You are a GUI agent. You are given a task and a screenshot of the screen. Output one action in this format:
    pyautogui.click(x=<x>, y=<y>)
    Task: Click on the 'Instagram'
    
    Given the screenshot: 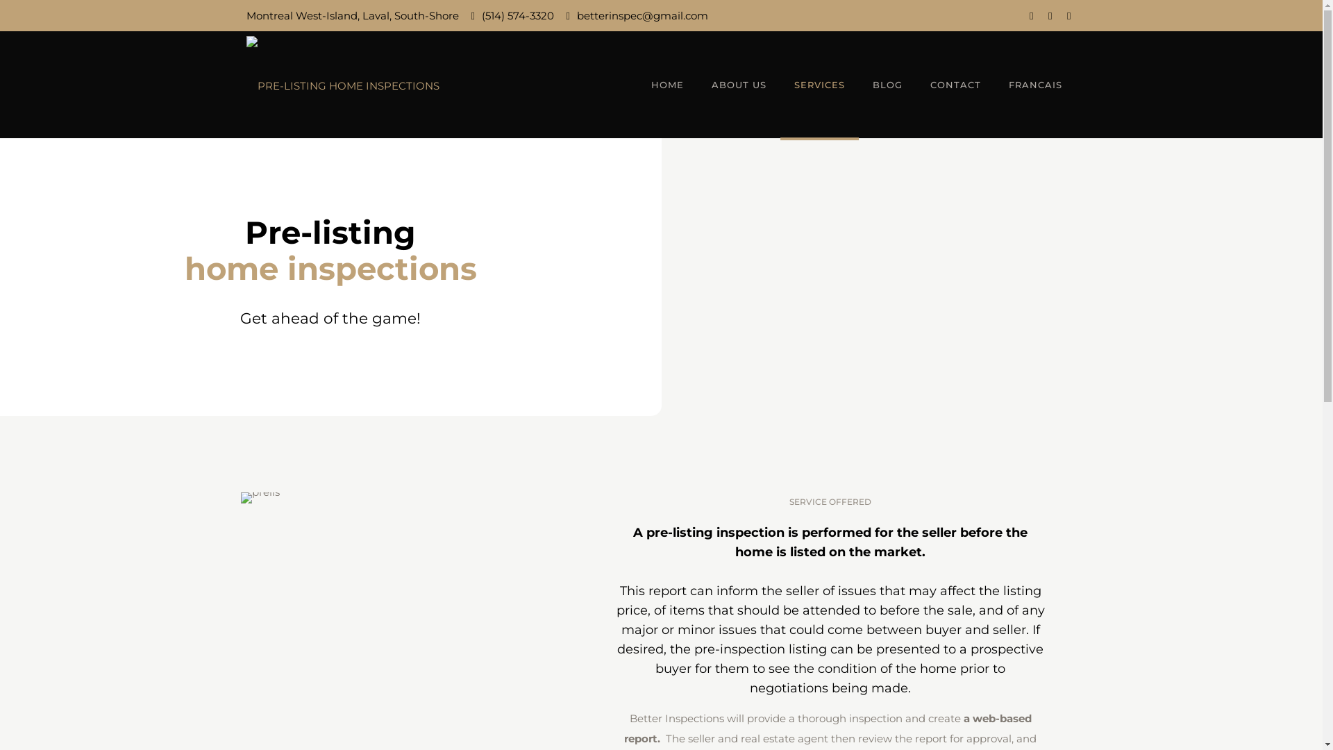 What is the action you would take?
    pyautogui.click(x=1050, y=15)
    